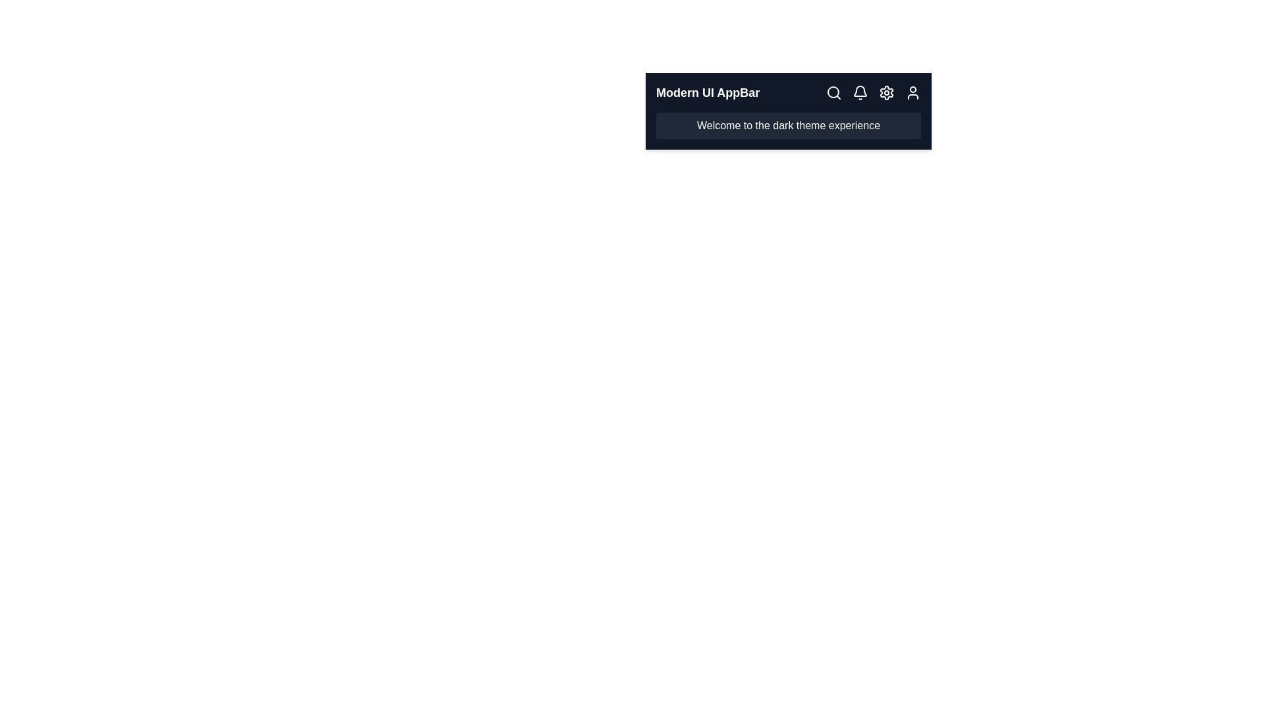  Describe the element at coordinates (860, 92) in the screenshot. I see `the 'Notifications' icon in the AppBar` at that location.